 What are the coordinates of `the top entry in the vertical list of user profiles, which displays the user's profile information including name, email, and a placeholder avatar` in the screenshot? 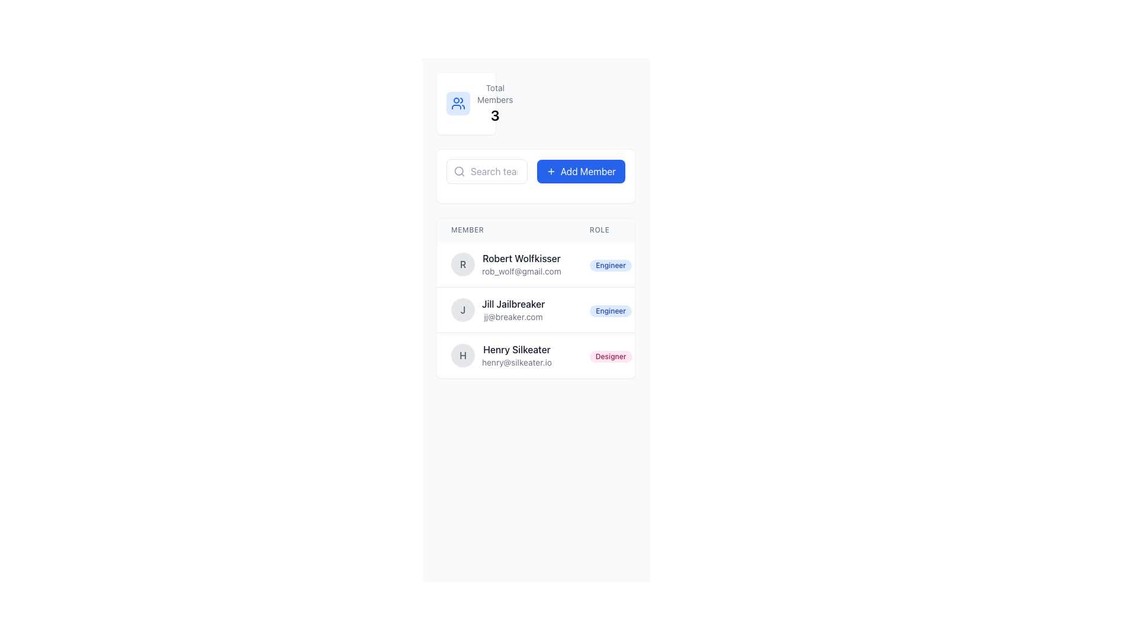 It's located at (506, 264).